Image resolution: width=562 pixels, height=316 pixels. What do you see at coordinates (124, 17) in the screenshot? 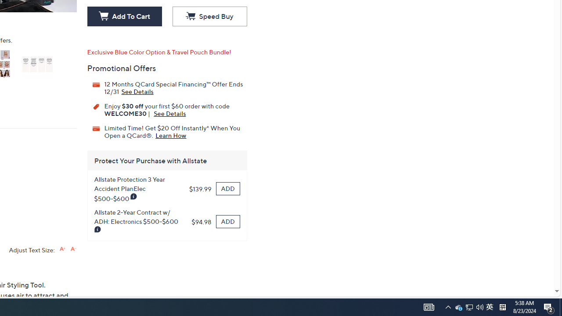
I see `'Add To Cart'` at bounding box center [124, 17].